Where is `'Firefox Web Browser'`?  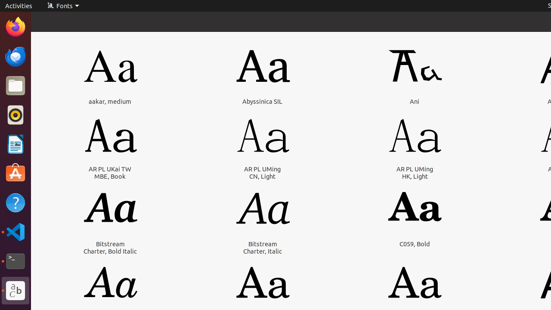 'Firefox Web Browser' is located at coordinates (15, 26).